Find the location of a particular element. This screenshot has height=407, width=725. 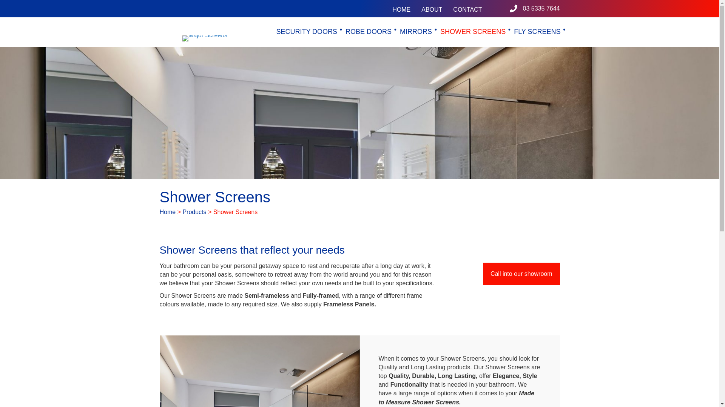

'03 5335 7644' is located at coordinates (541, 8).